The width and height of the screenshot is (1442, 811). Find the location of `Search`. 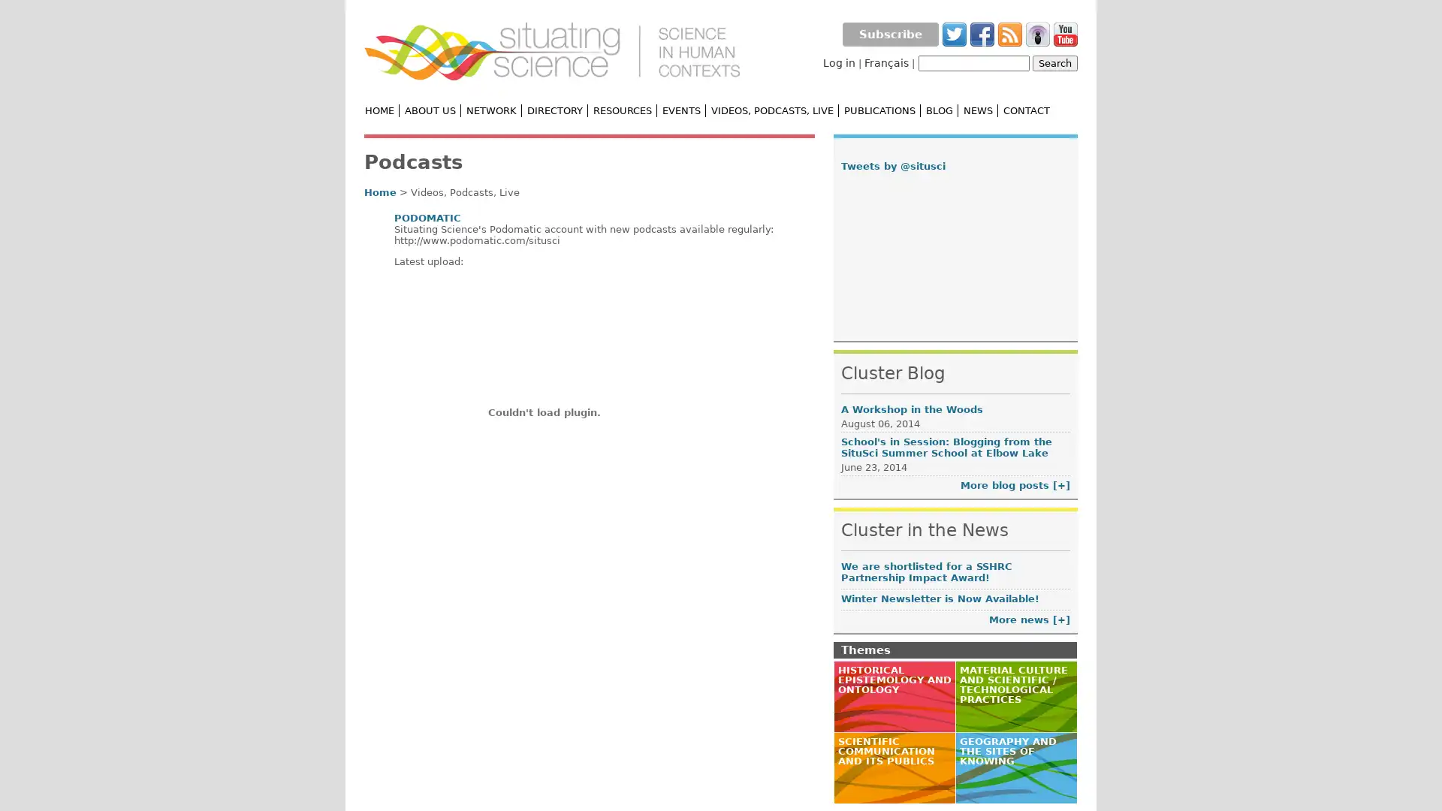

Search is located at coordinates (1054, 62).